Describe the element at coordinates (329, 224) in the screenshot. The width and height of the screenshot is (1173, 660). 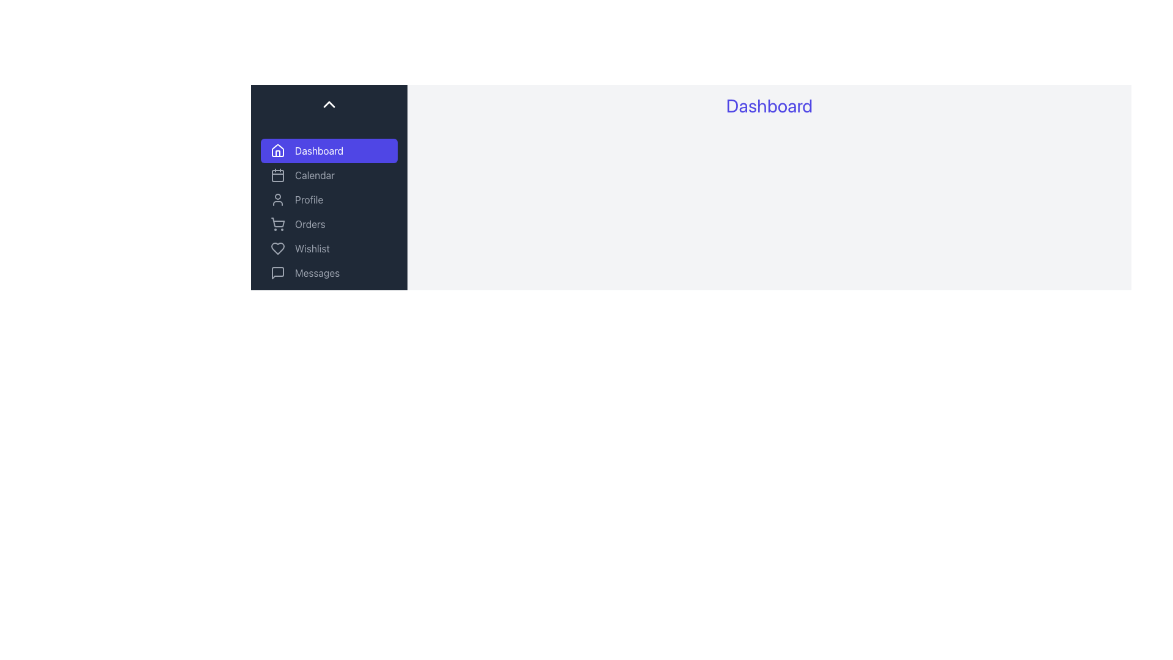
I see `the navigational menu located in the left sidebar` at that location.